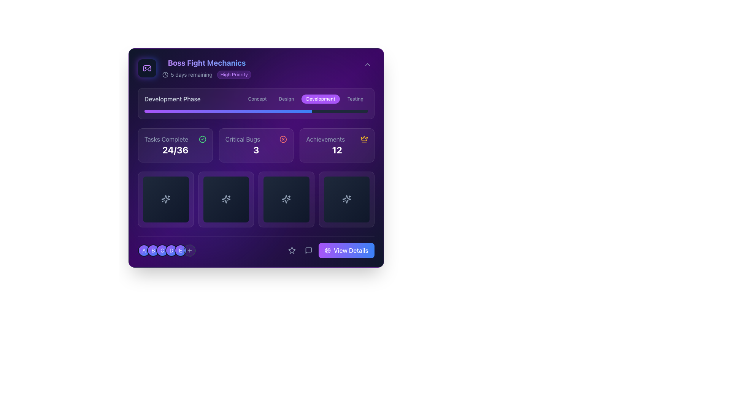 The height and width of the screenshot is (410, 730). Describe the element at coordinates (364, 139) in the screenshot. I see `the decorative icon located in the 'Achievements' section, positioned` at that location.